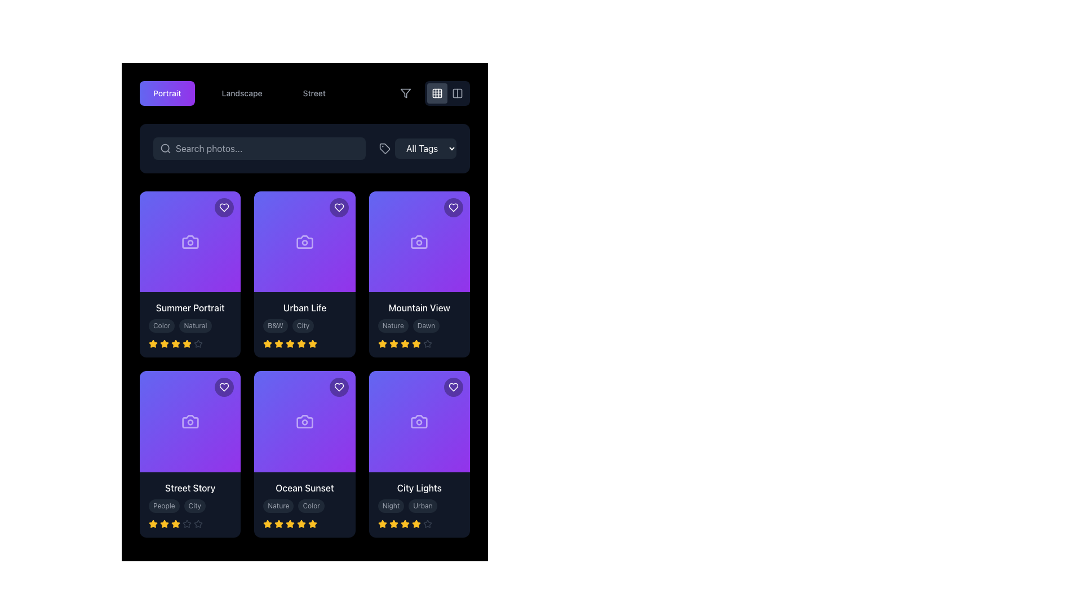 This screenshot has width=1082, height=608. Describe the element at coordinates (153, 523) in the screenshot. I see `the first star icon in the rating component of the 'Street Story' section, which is part of a five-star review system` at that location.